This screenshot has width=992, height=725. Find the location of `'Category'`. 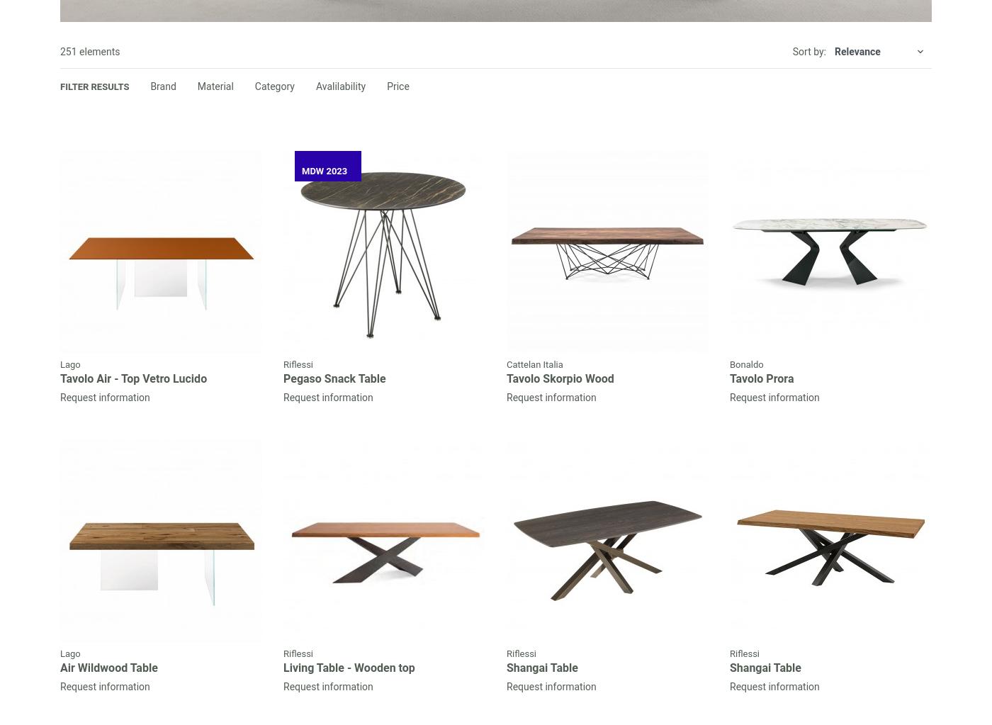

'Category' is located at coordinates (273, 86).